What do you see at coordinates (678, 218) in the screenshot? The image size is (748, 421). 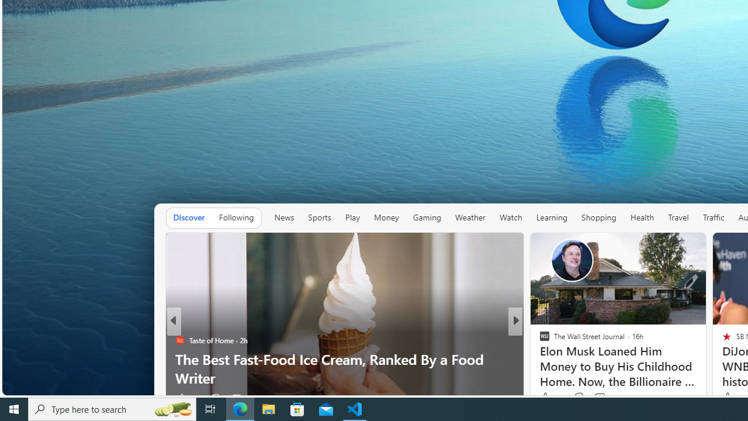 I see `'Travel'` at bounding box center [678, 218].